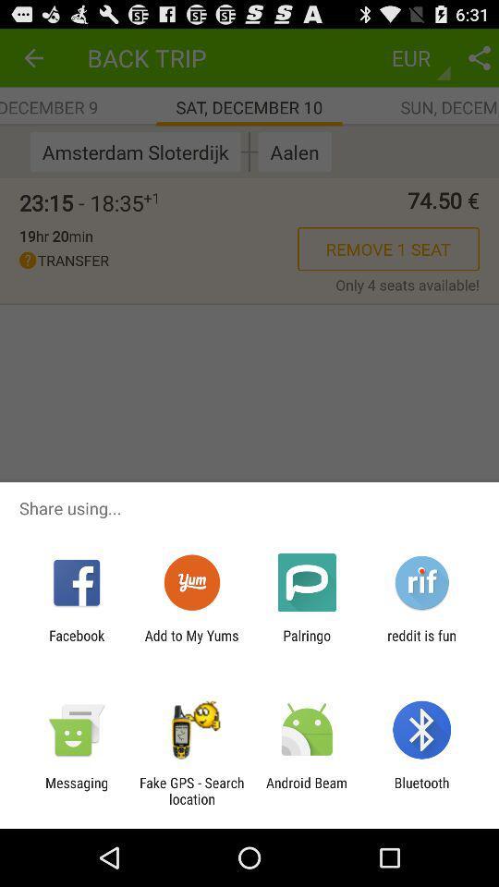 The width and height of the screenshot is (499, 887). I want to click on the app next to the android beam, so click(190, 790).